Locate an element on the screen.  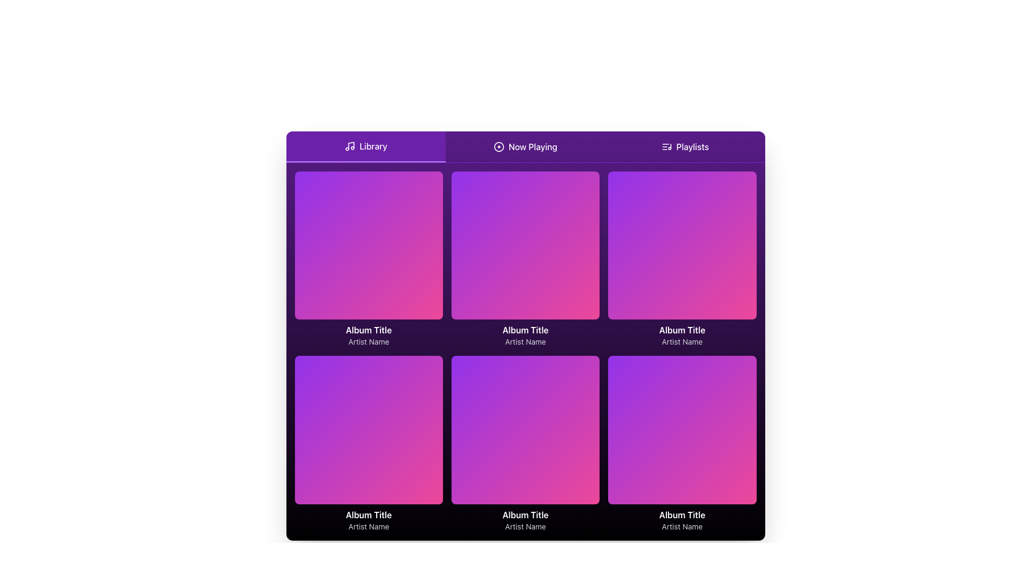
the text label that reads 'Artist Name', which is styled in gray and located underneath 'Album Title' in the grid layout is located at coordinates (681, 526).